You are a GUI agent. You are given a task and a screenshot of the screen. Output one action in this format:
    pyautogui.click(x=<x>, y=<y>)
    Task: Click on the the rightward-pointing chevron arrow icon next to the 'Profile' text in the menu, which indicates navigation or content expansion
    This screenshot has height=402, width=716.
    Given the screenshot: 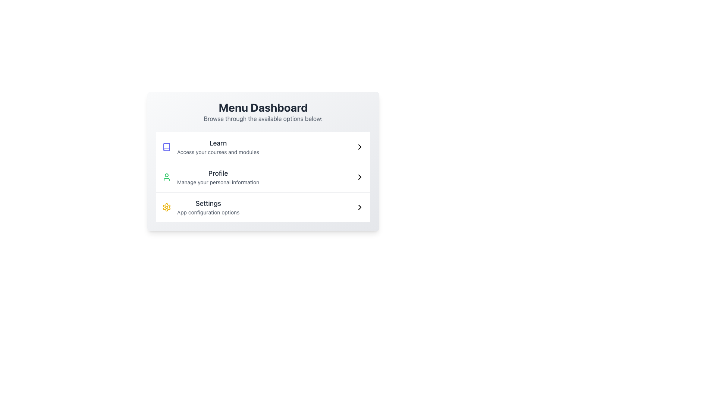 What is the action you would take?
    pyautogui.click(x=359, y=177)
    